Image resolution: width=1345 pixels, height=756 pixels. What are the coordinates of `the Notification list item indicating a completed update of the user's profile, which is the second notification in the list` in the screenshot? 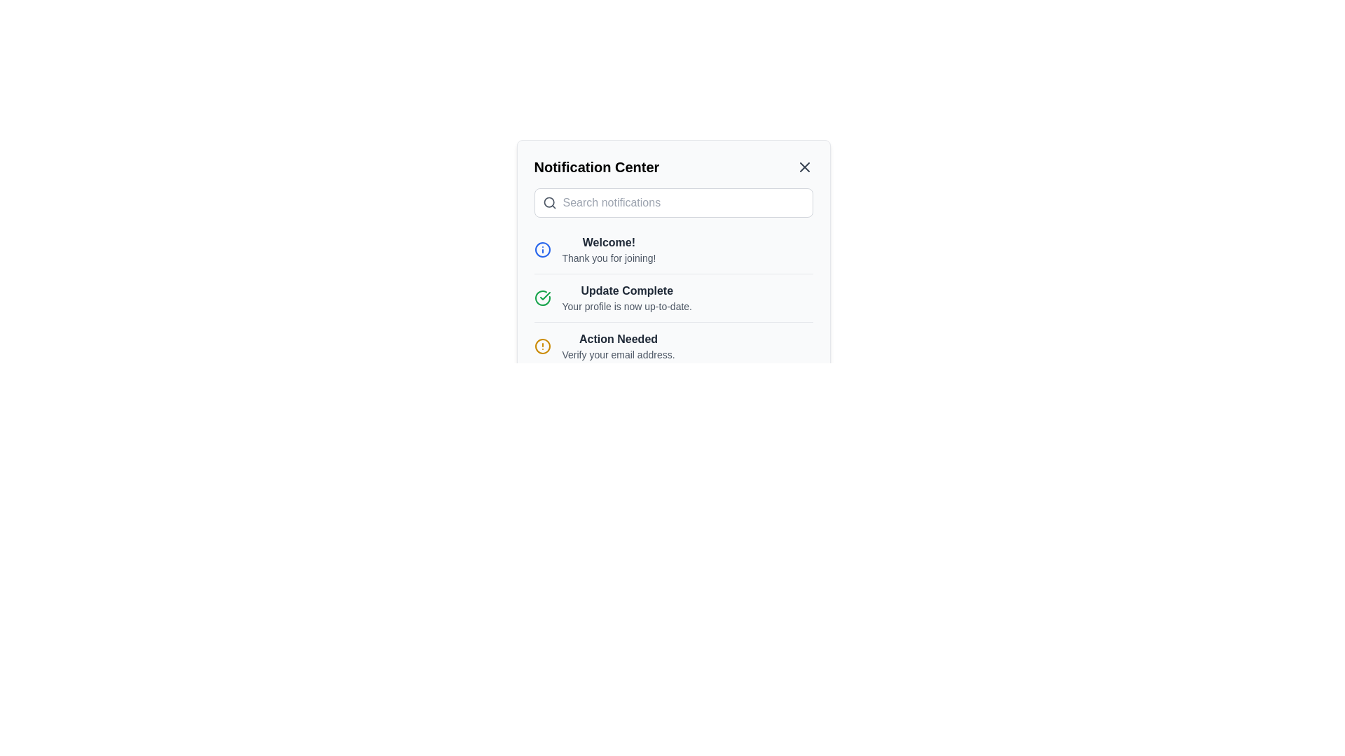 It's located at (673, 322).